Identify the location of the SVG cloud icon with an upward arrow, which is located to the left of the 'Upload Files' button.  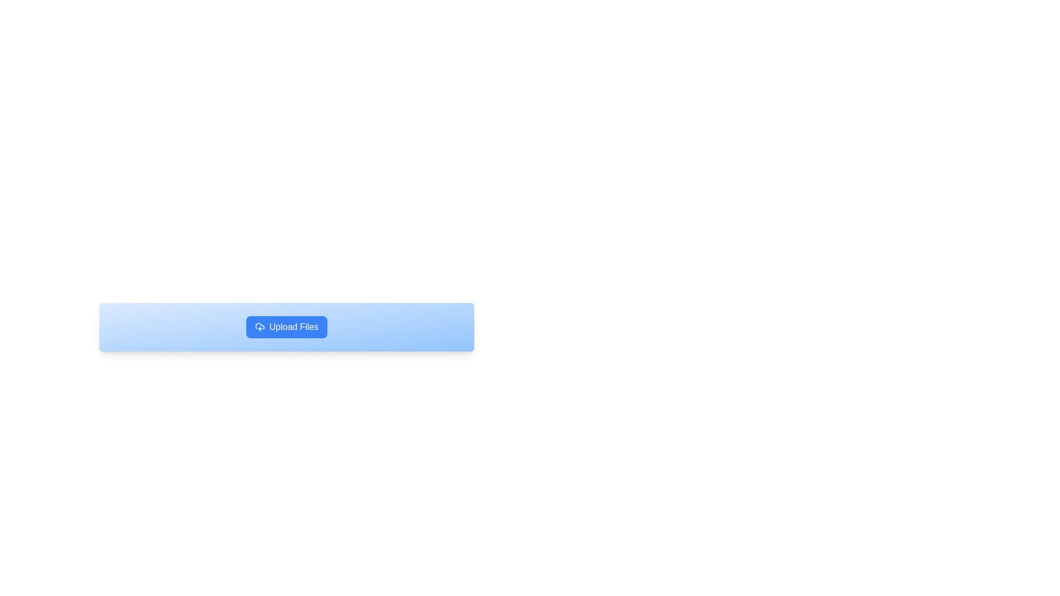
(259, 327).